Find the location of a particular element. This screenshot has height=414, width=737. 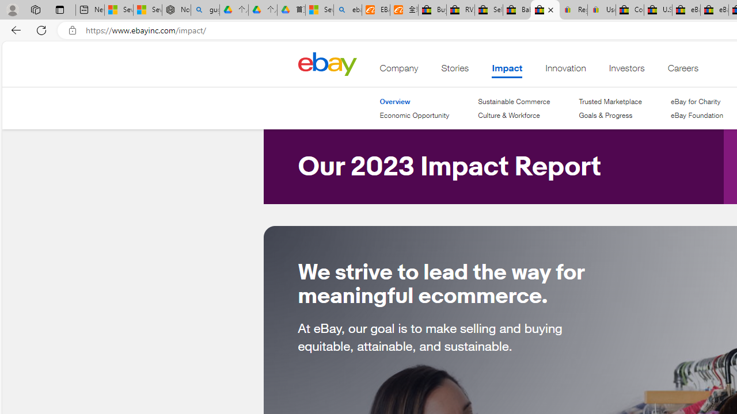

'eBay Impact - eBay Inc.' is located at coordinates (545, 10).